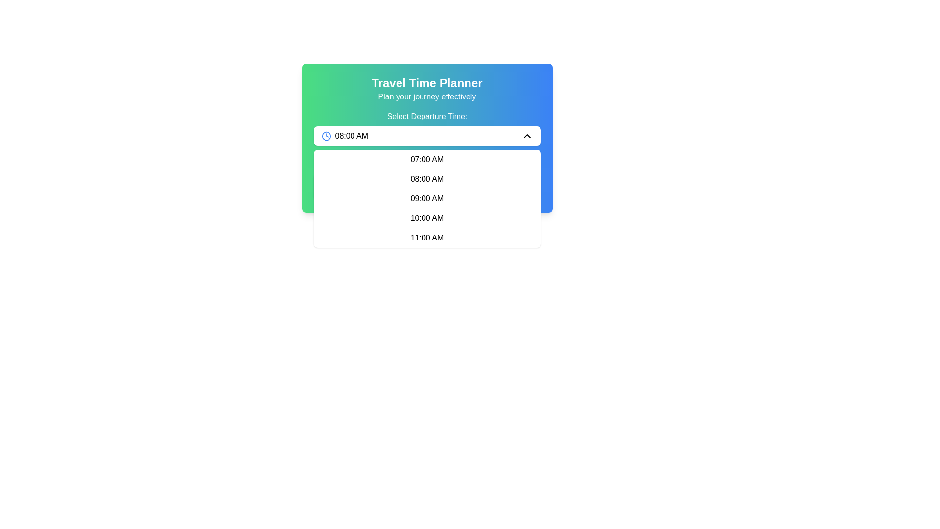 This screenshot has height=529, width=940. I want to click on the dropdown menu item displaying '07:00 AM', which is the first option in the list of time selections within the dropdown menu located below the 'Select Departure Time' field, so click(427, 159).